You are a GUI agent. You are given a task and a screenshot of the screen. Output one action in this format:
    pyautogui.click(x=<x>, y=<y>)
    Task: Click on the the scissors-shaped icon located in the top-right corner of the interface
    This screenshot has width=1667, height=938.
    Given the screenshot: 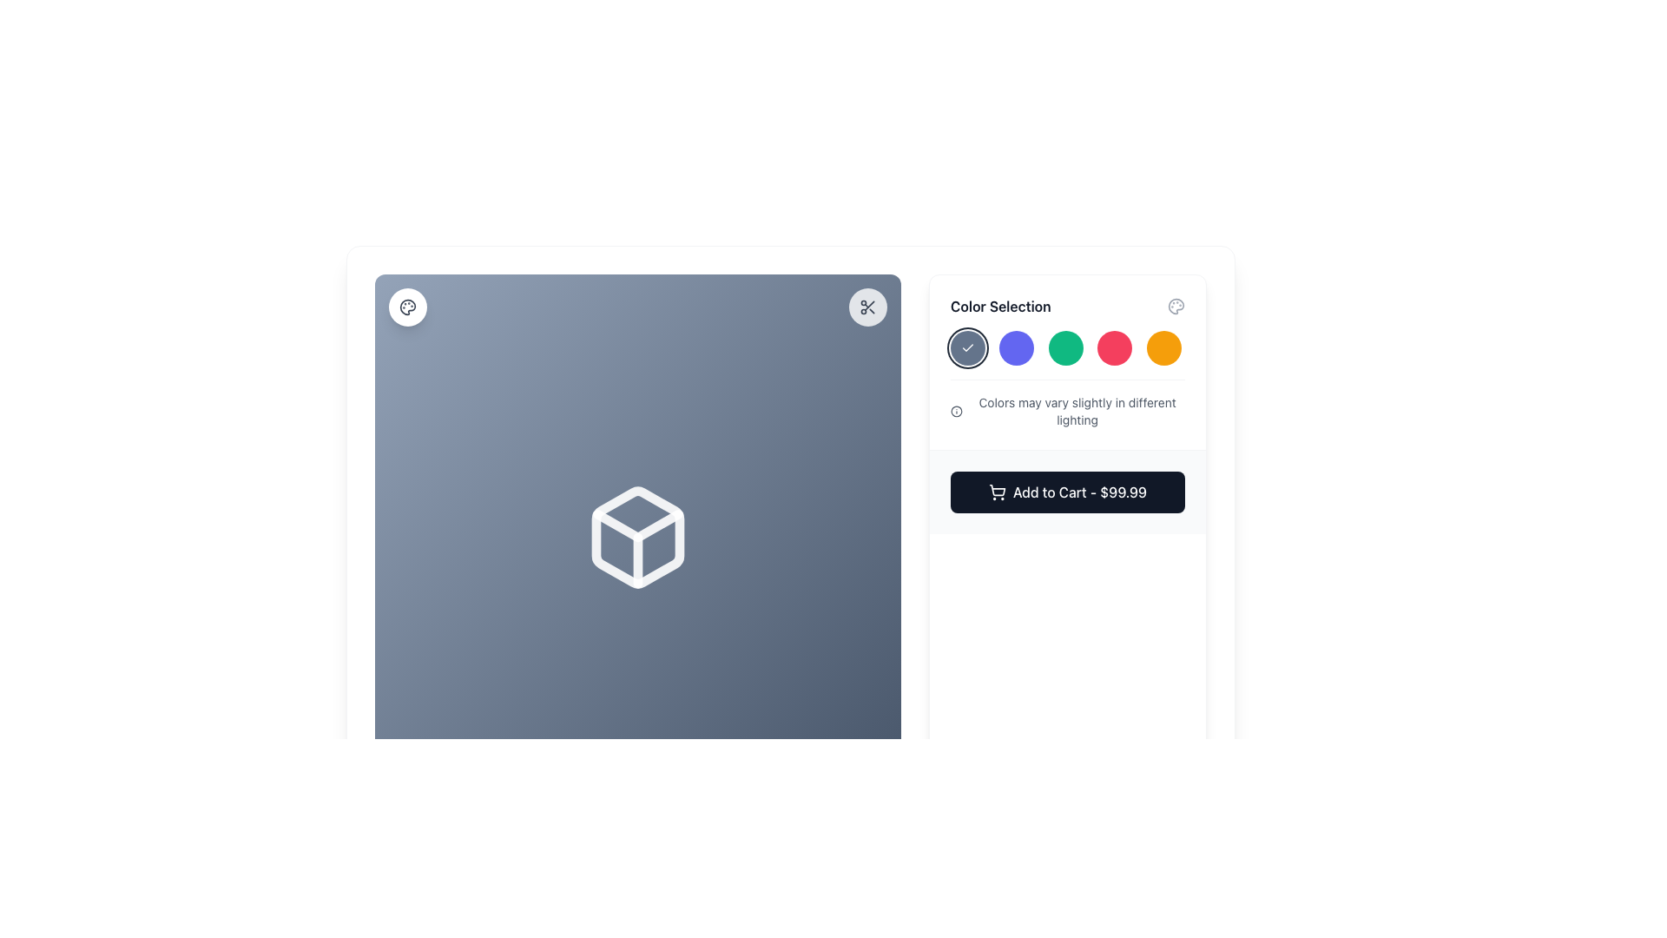 What is the action you would take?
    pyautogui.click(x=867, y=307)
    